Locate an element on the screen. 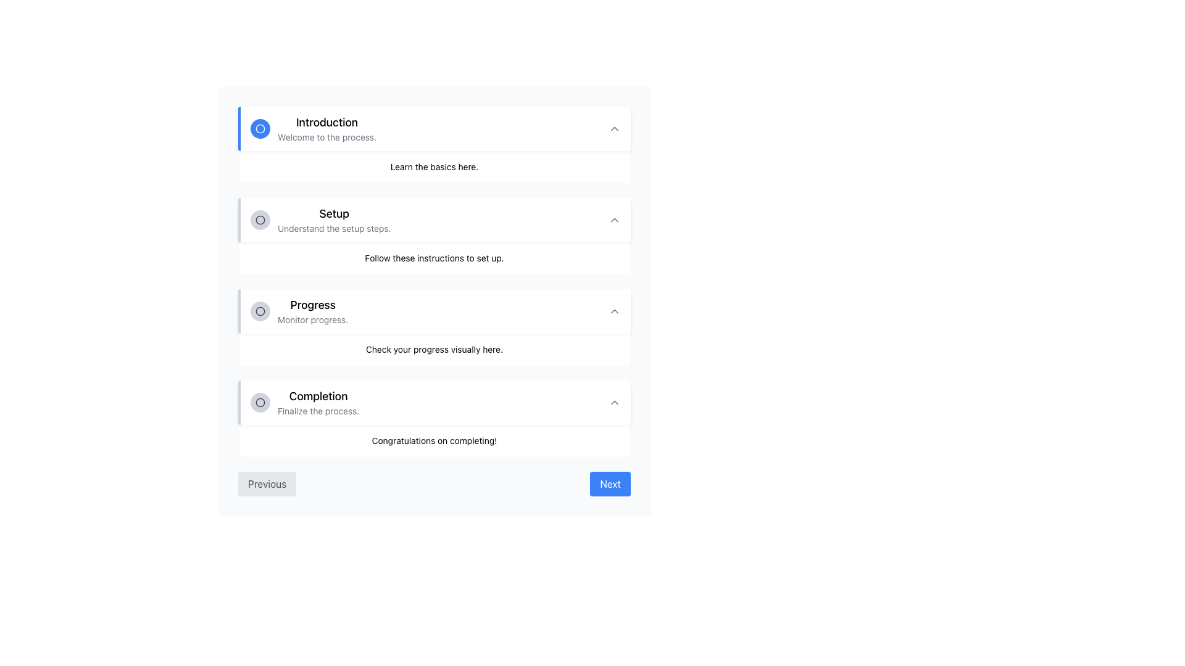  text of the header label located at the top center of the interface, which serves as the title for the first section of the multi-step process is located at coordinates (327, 123).